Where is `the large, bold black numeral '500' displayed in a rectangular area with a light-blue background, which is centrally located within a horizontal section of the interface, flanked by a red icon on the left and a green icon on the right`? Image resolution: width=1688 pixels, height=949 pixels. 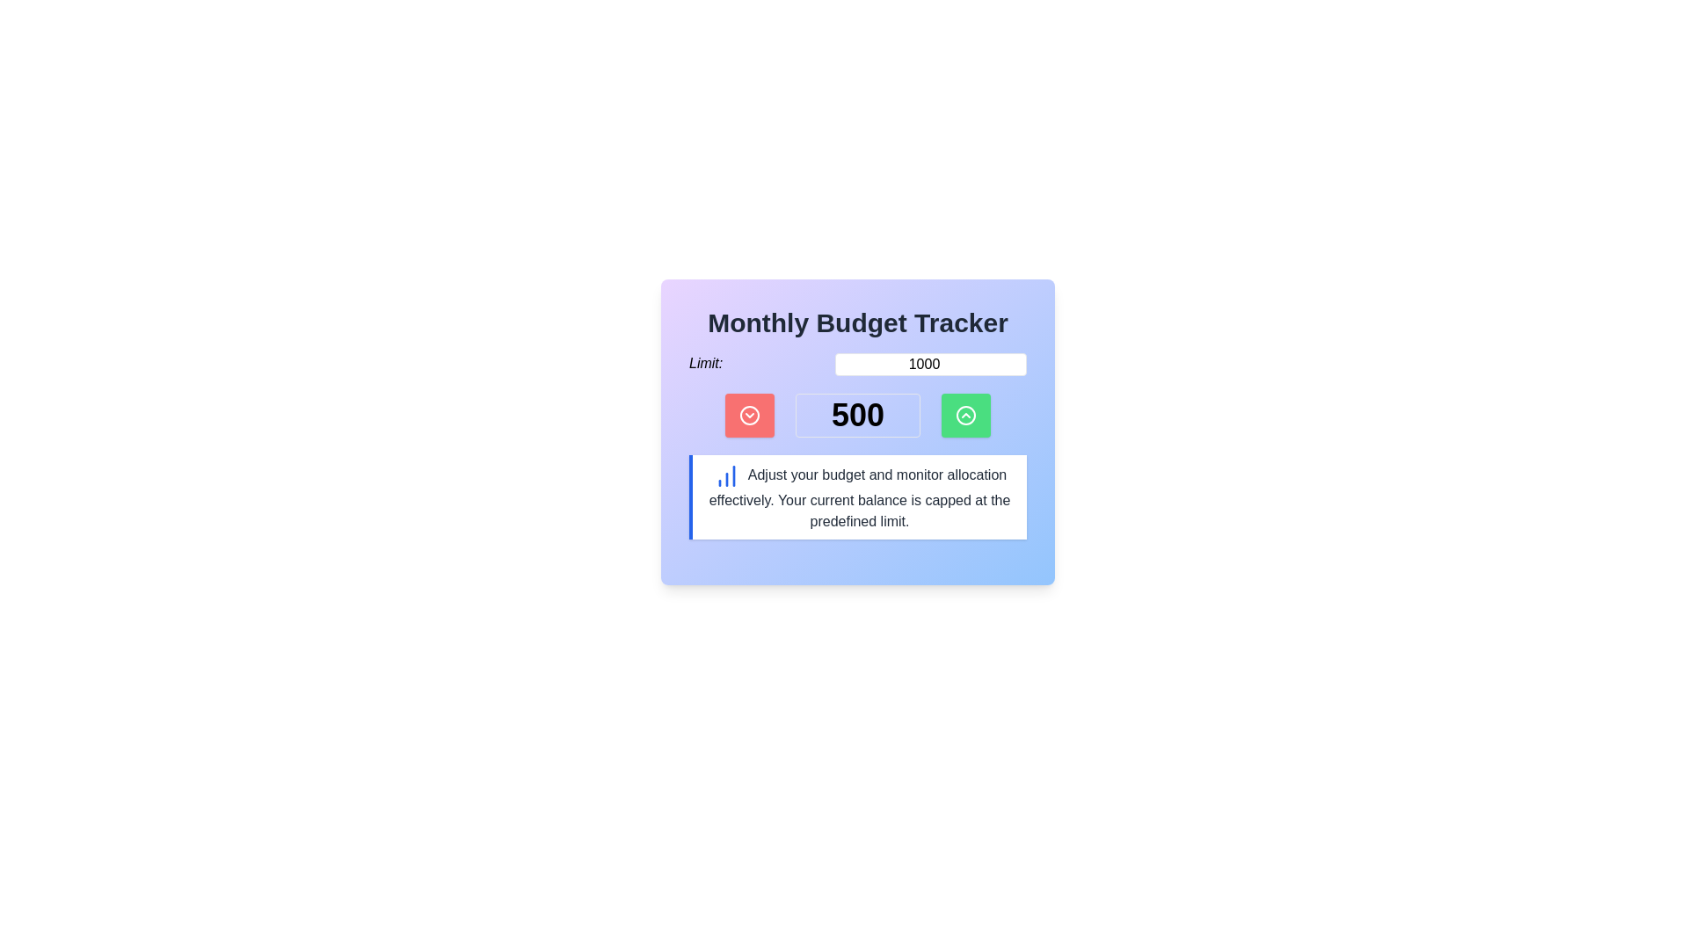 the large, bold black numeral '500' displayed in a rectangular area with a light-blue background, which is centrally located within a horizontal section of the interface, flanked by a red icon on the left and a green icon on the right is located at coordinates (857, 416).